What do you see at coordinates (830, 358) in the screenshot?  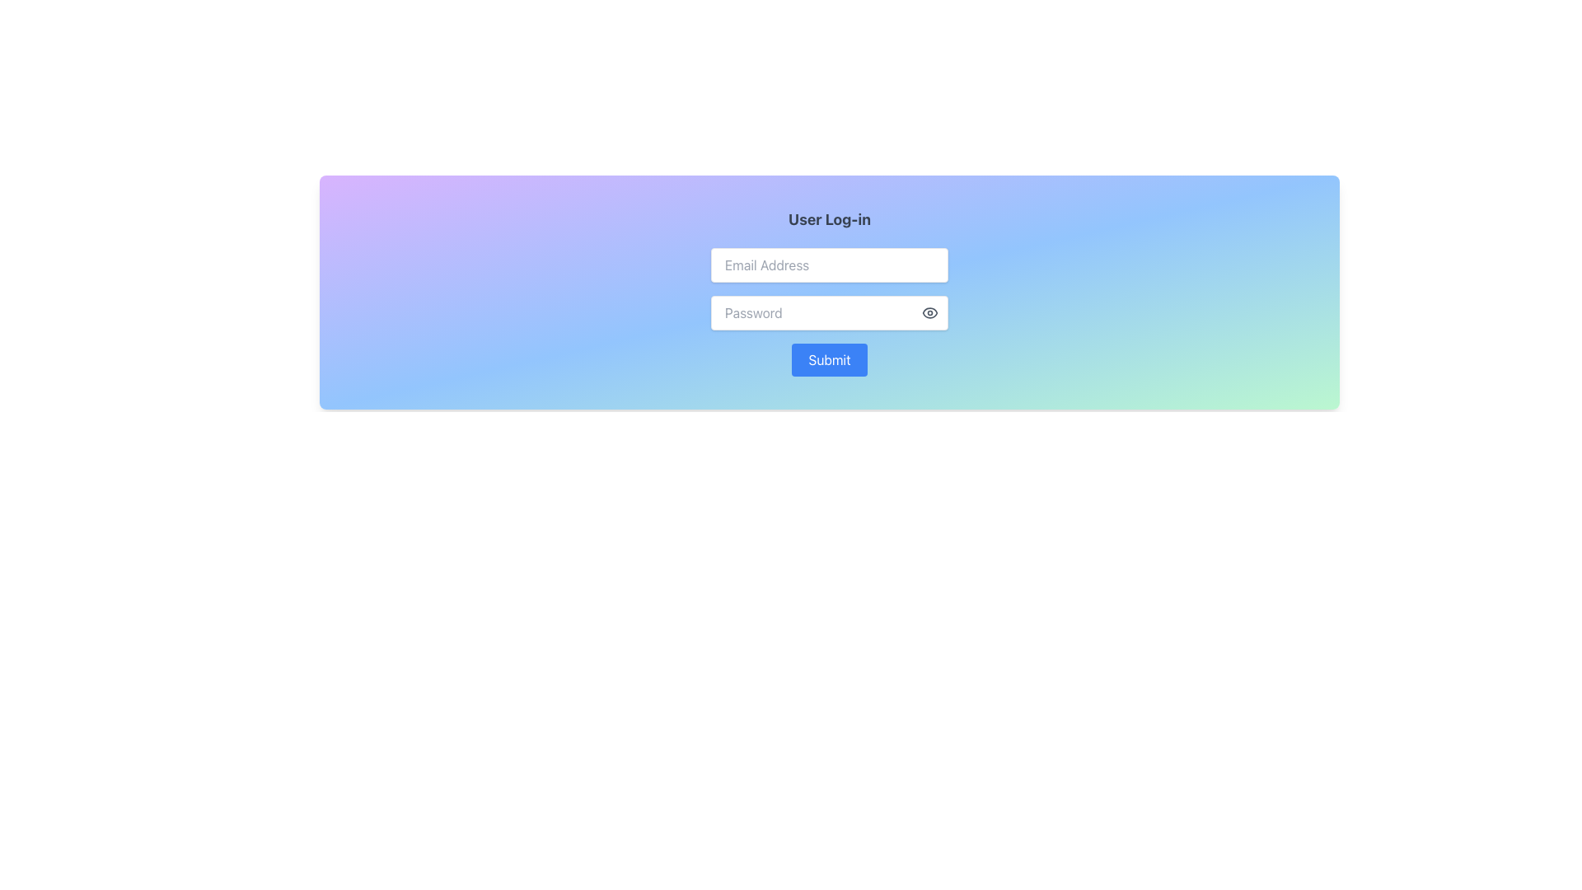 I see `the 'Submit' button with a blue background and white text` at bounding box center [830, 358].